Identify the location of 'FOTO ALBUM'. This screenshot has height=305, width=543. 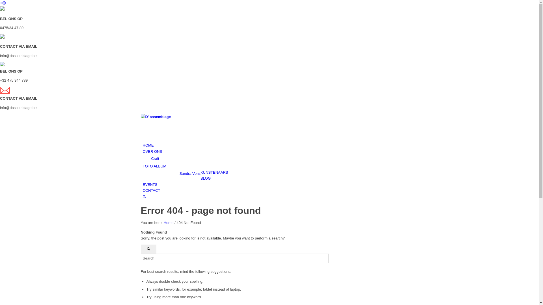
(154, 166).